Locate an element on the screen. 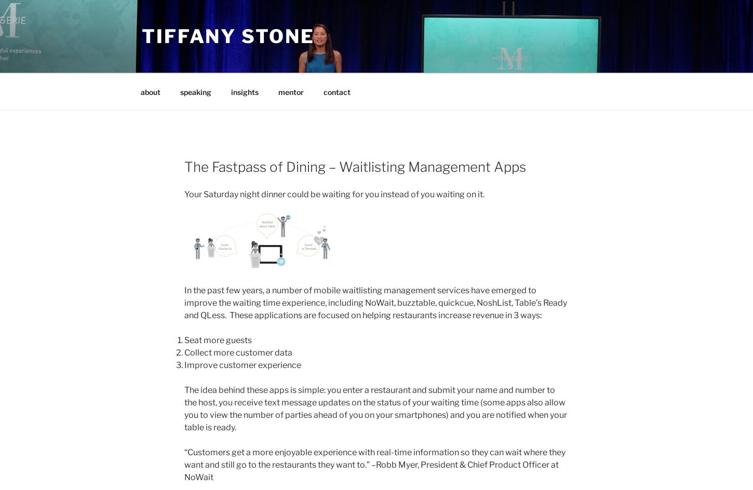 This screenshot has height=490, width=753. 'mentor' is located at coordinates (278, 91).